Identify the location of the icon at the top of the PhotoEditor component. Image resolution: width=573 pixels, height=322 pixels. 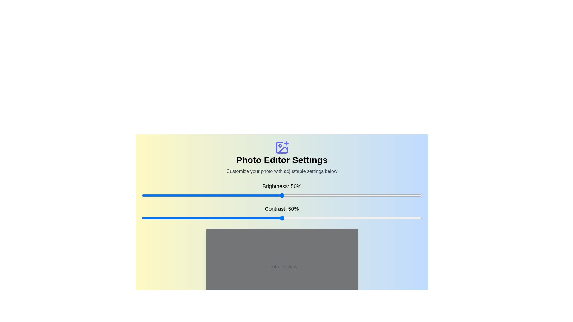
(281, 147).